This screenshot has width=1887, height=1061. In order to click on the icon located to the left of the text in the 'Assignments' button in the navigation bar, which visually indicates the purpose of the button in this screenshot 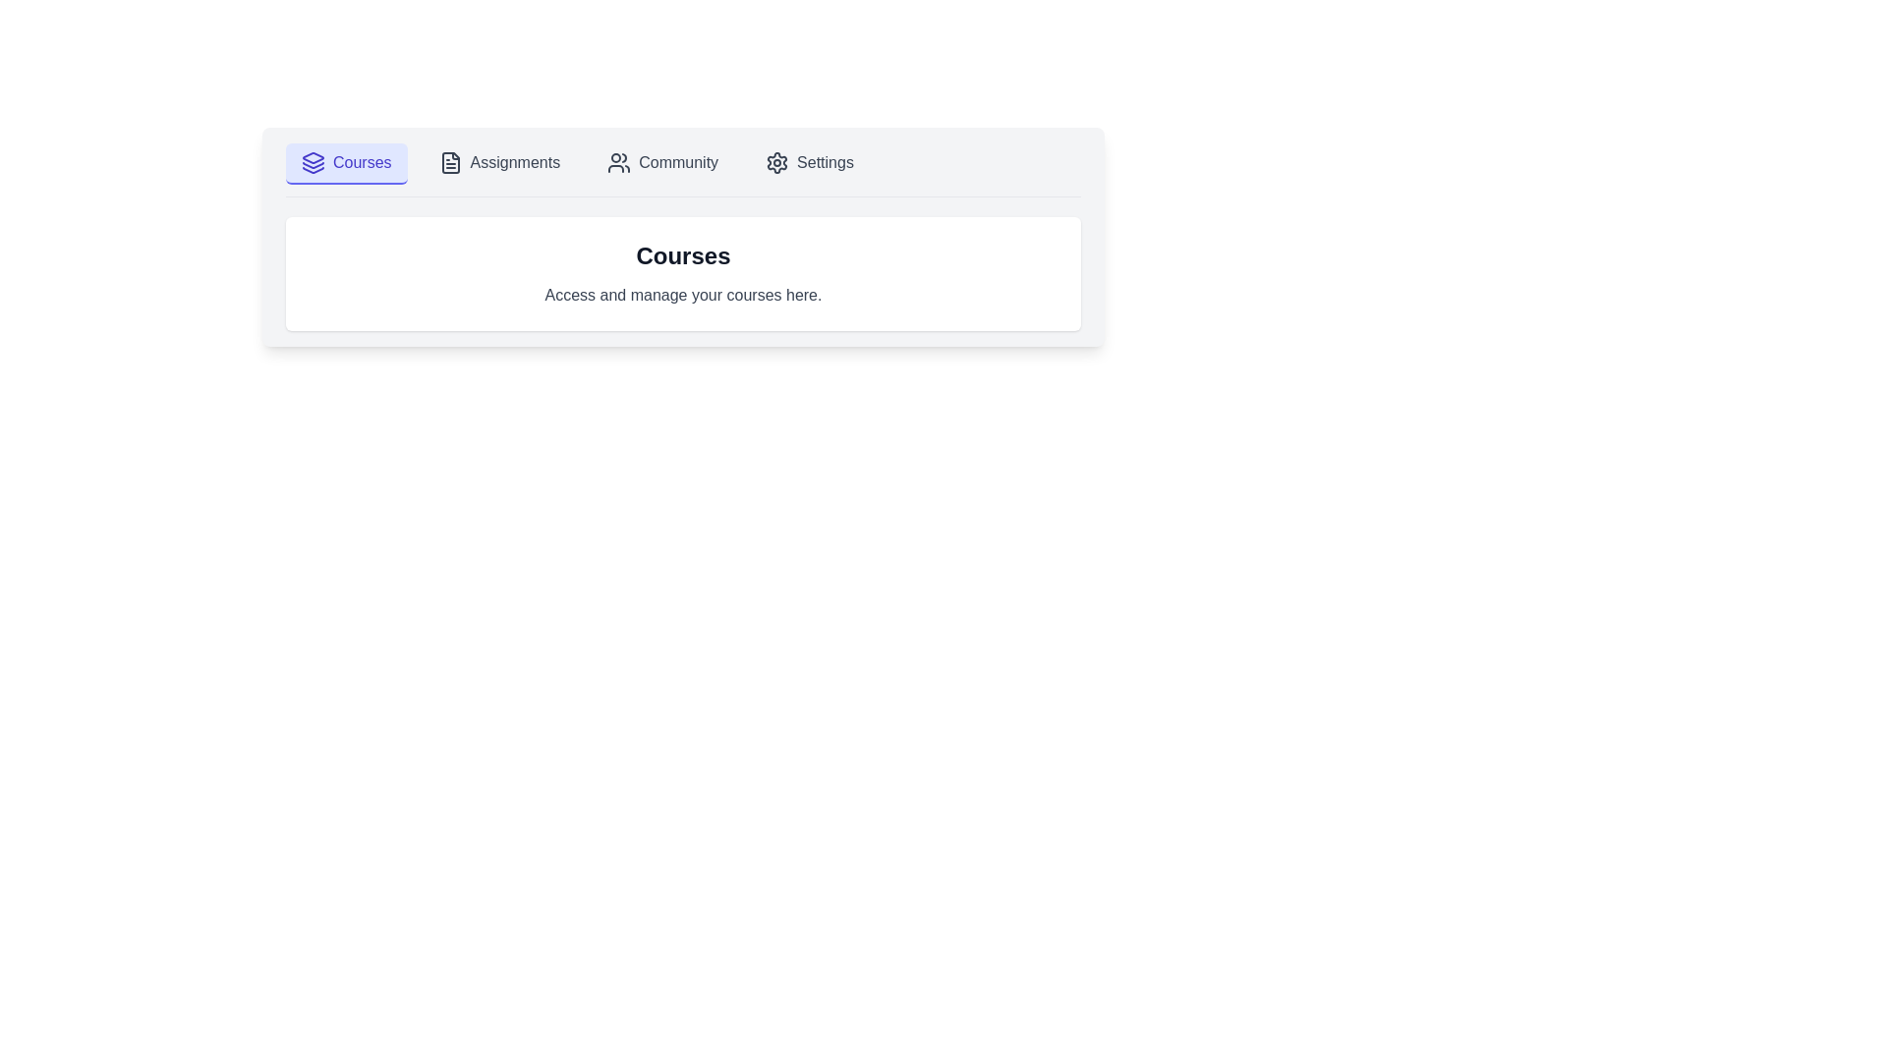, I will do `click(449, 161)`.